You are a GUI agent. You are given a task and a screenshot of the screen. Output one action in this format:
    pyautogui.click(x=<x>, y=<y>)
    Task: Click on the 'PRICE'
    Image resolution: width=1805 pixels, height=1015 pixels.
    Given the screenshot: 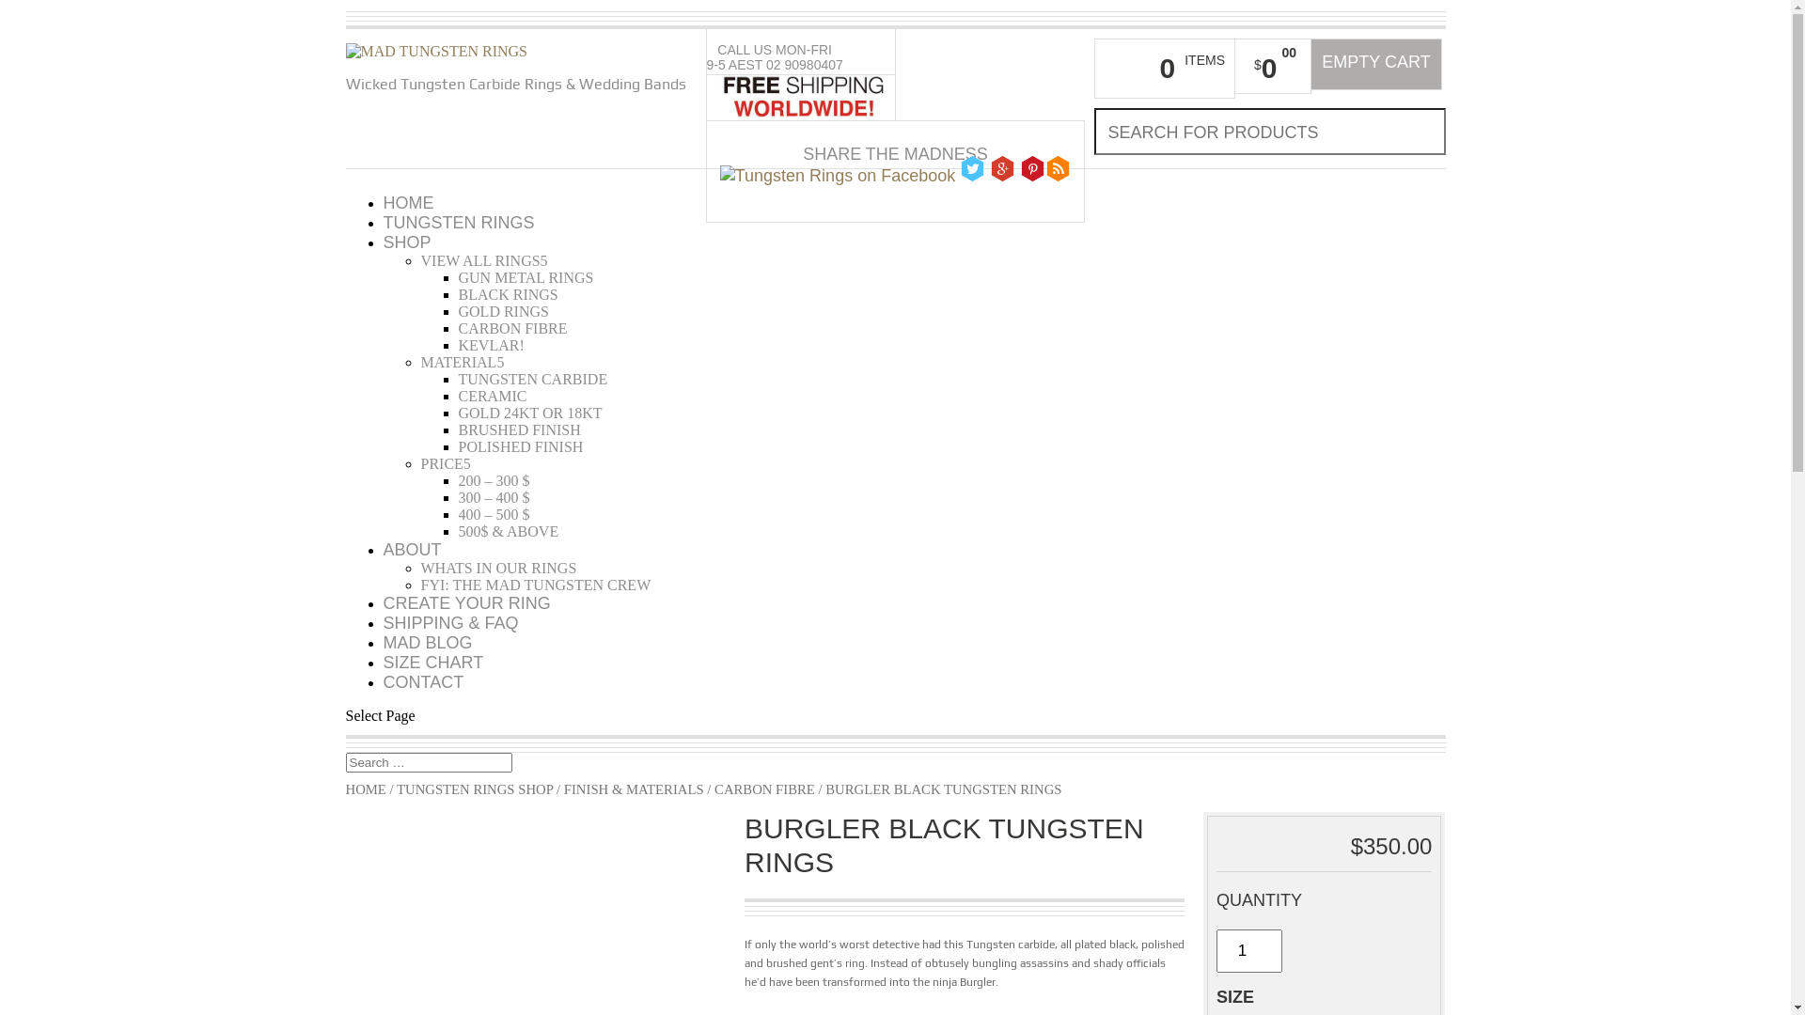 What is the action you would take?
    pyautogui.click(x=419, y=463)
    